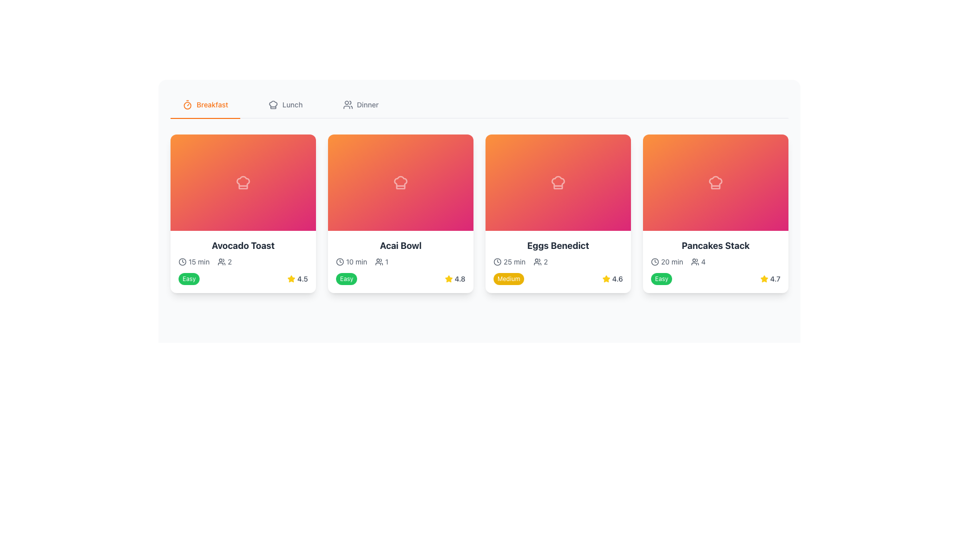 The width and height of the screenshot is (963, 542). I want to click on the time icon representing duration located to the left of the '25 min' text in the 'Eggs Benedict' card, so click(498, 261).